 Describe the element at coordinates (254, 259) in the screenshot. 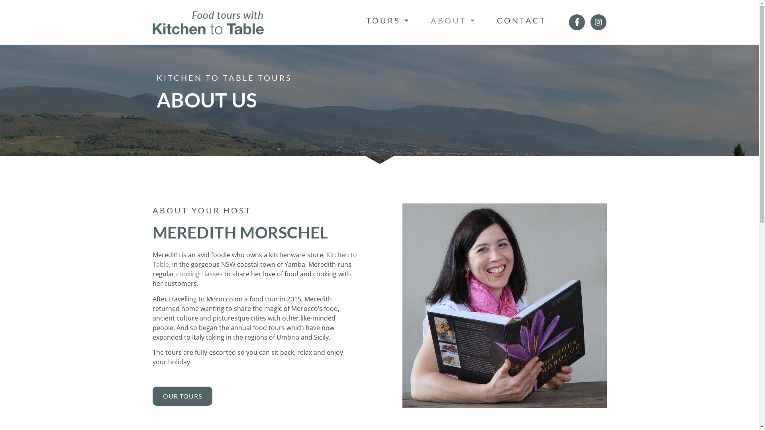

I see `'Kitchen to Table,'` at that location.